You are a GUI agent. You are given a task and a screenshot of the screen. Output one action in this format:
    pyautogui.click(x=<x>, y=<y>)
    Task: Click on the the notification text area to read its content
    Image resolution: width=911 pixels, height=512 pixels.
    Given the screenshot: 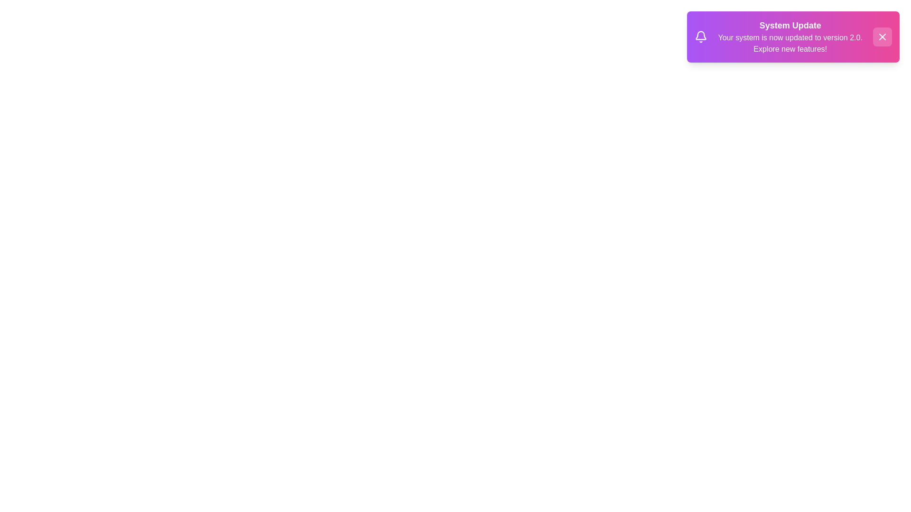 What is the action you would take?
    pyautogui.click(x=790, y=36)
    